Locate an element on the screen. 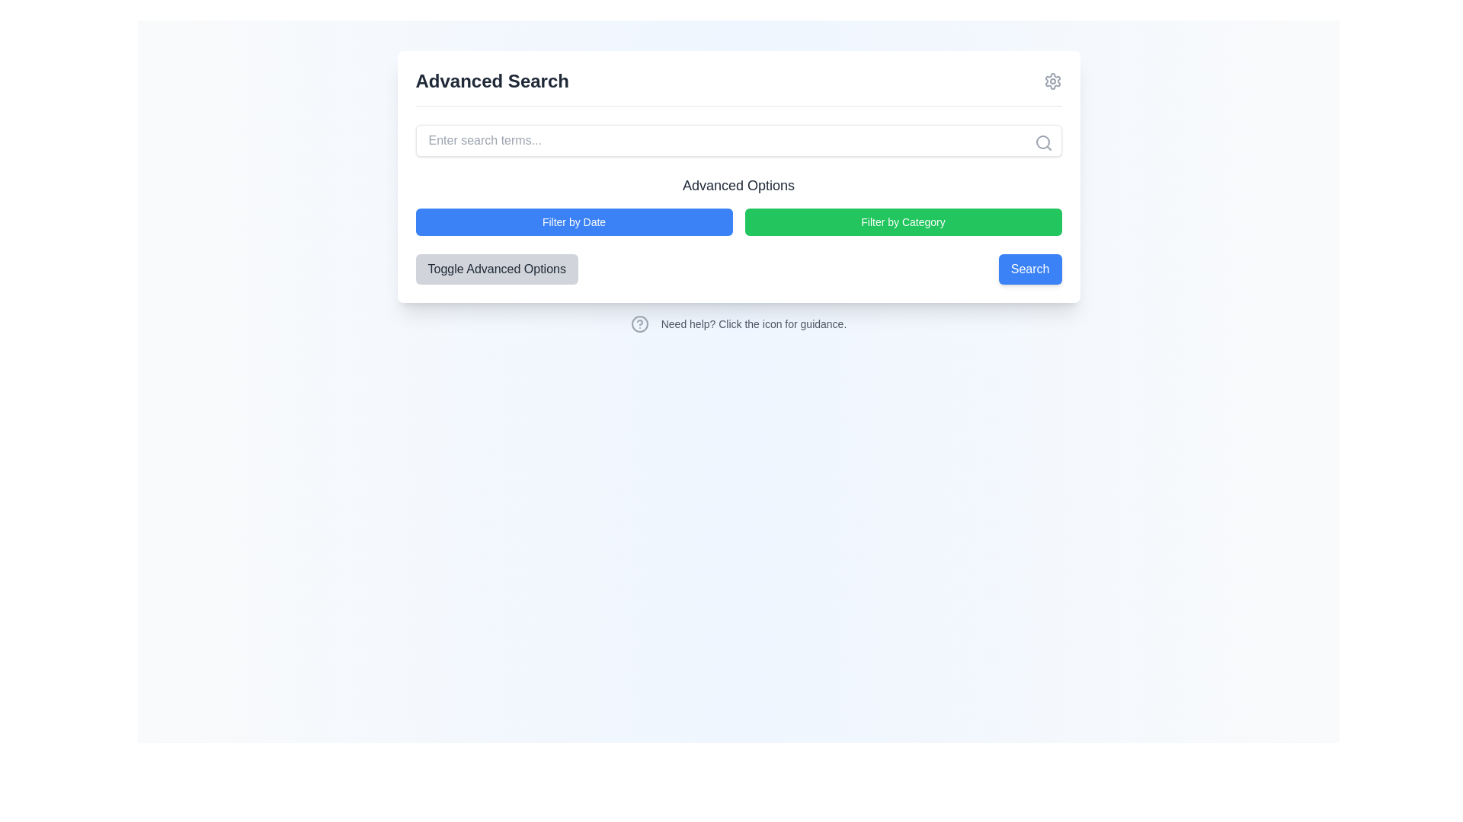 The image size is (1463, 822). the search icon, depicted as a magnifying glass, located to the right of the search input field to initiate a search is located at coordinates (1042, 143).